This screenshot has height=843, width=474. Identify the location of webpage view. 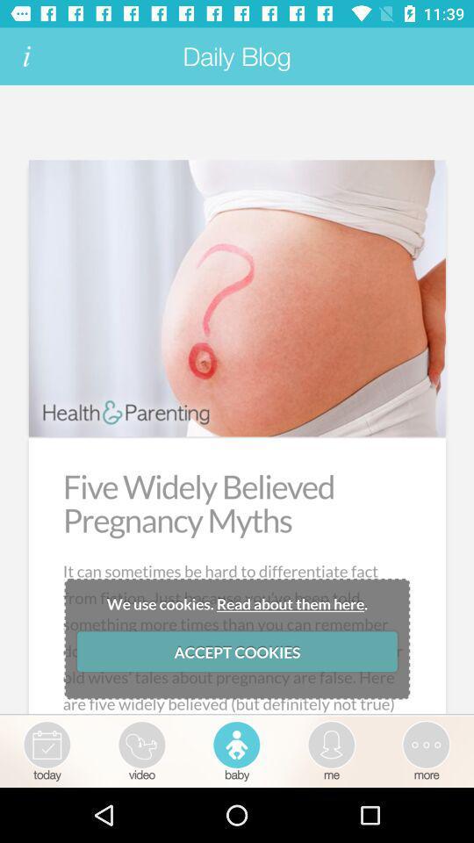
(237, 400).